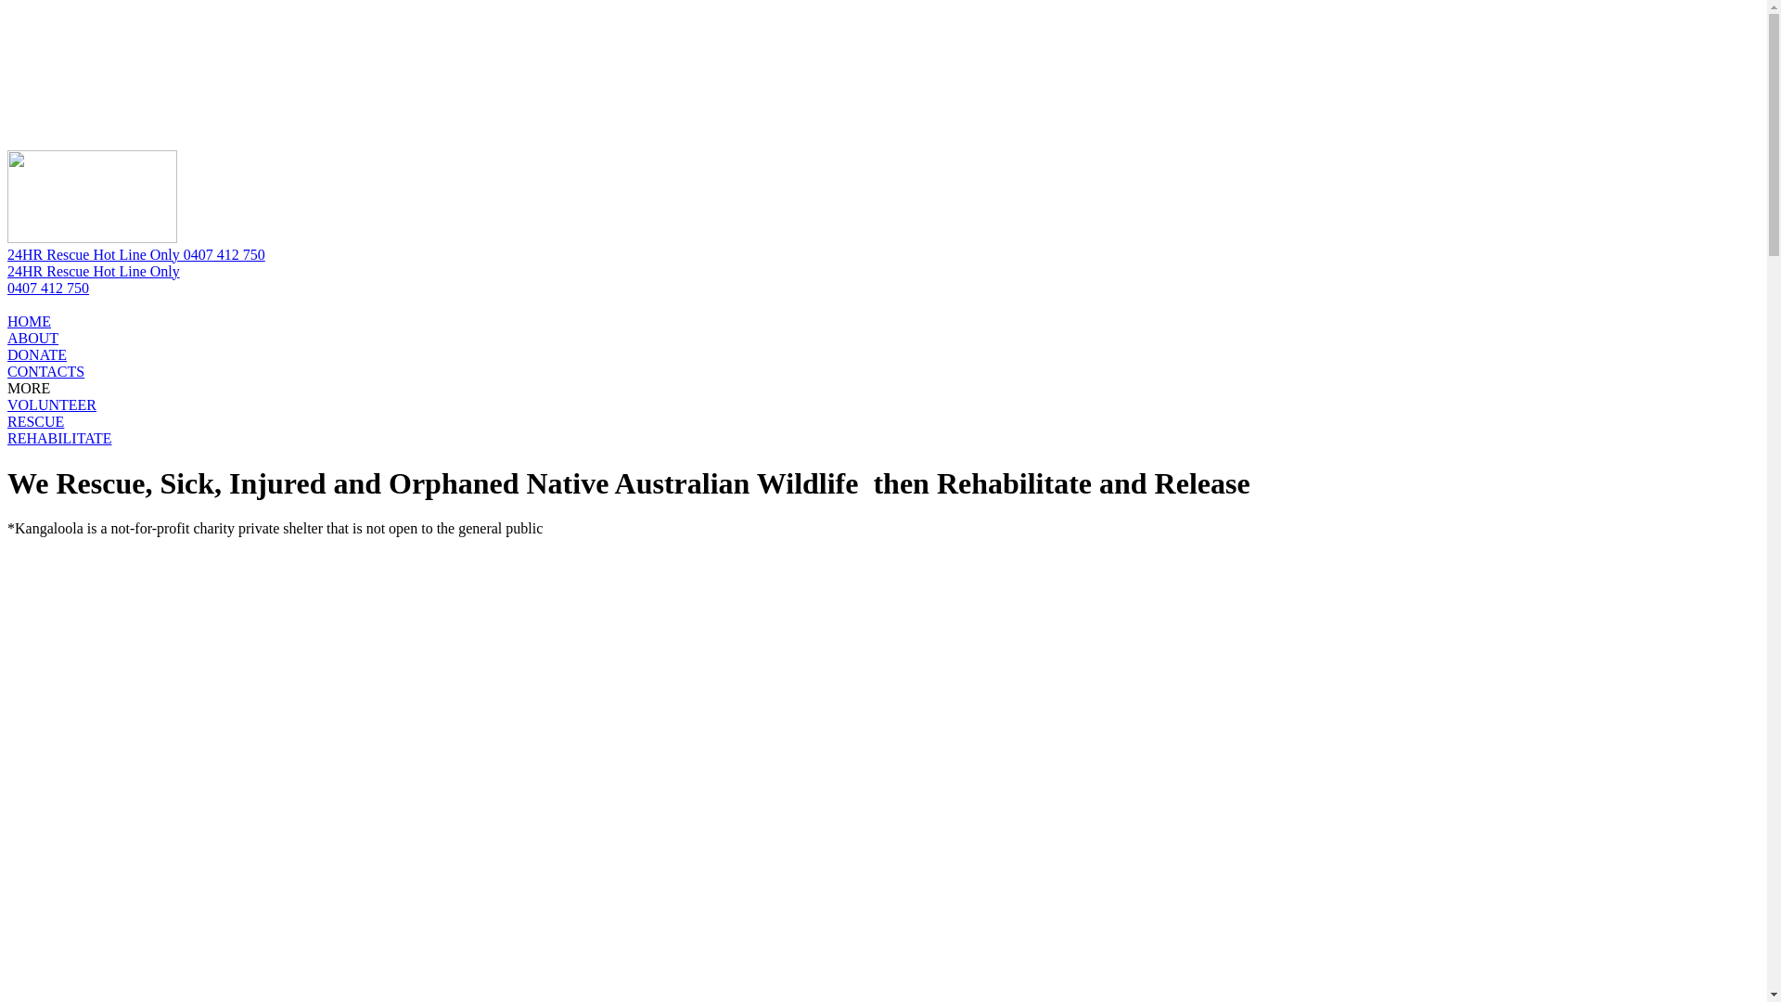 Image resolution: width=1781 pixels, height=1002 pixels. Describe the element at coordinates (36, 354) in the screenshot. I see `'DONATE'` at that location.